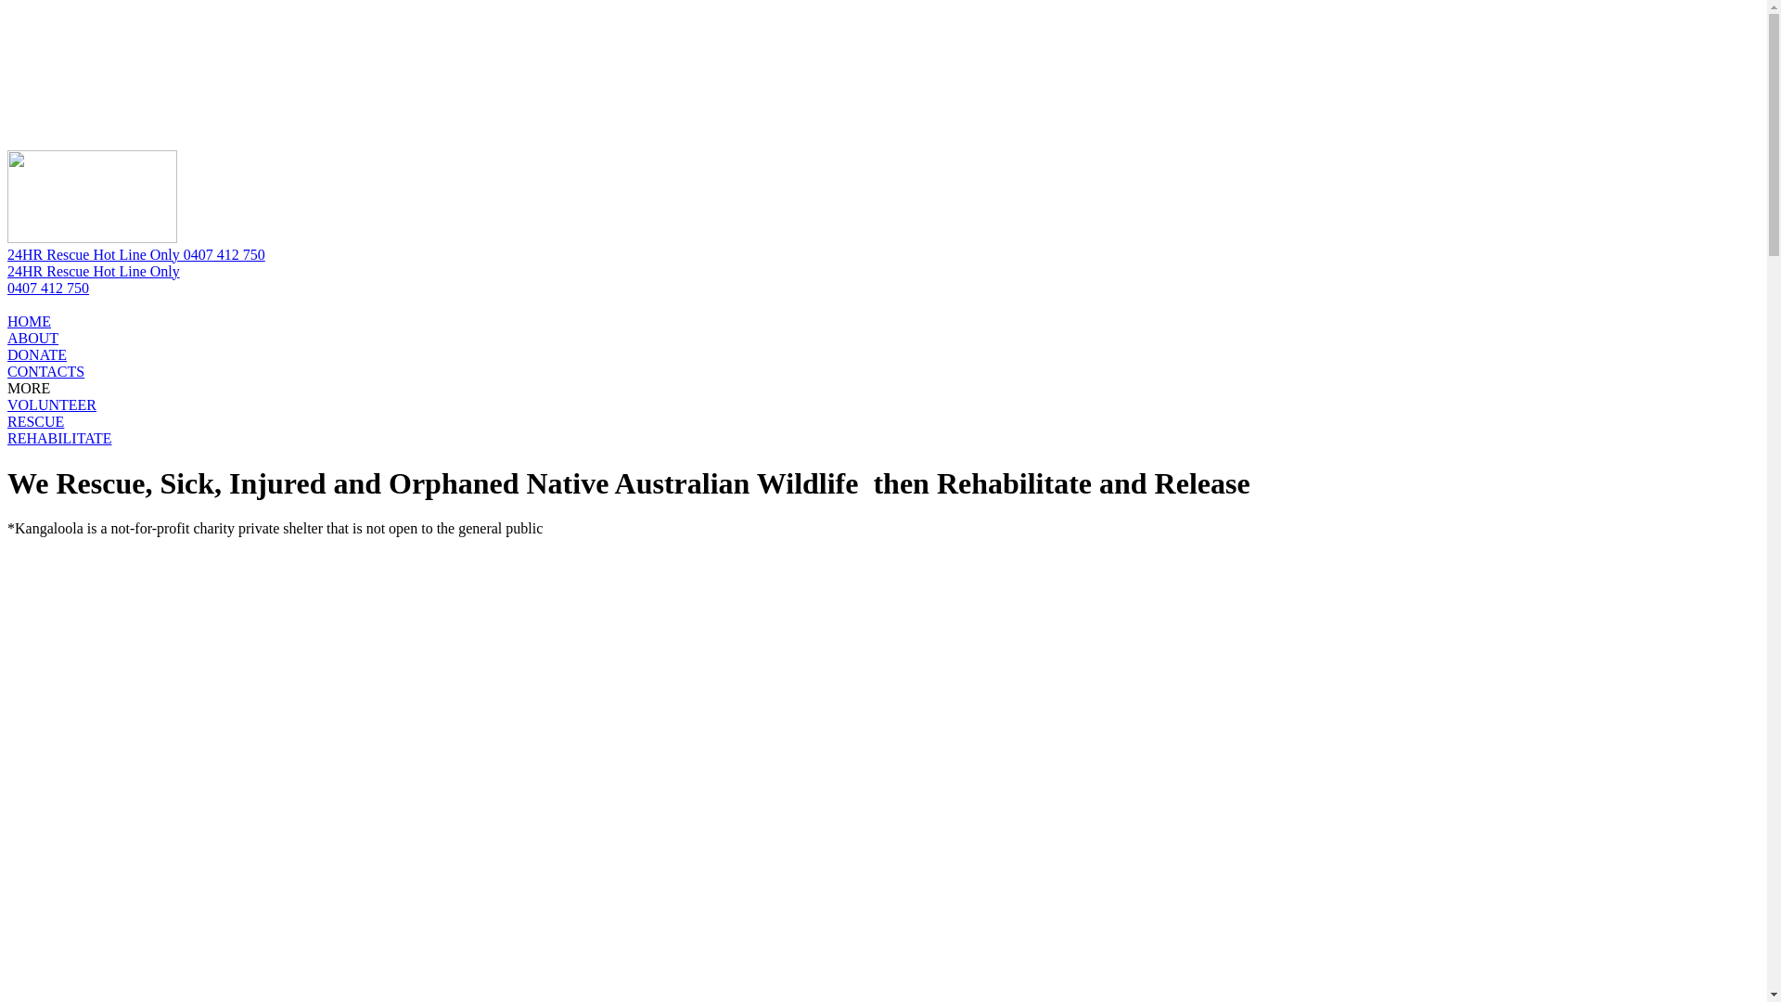 Image resolution: width=1781 pixels, height=1002 pixels. Describe the element at coordinates (36, 354) in the screenshot. I see `'DONATE'` at that location.